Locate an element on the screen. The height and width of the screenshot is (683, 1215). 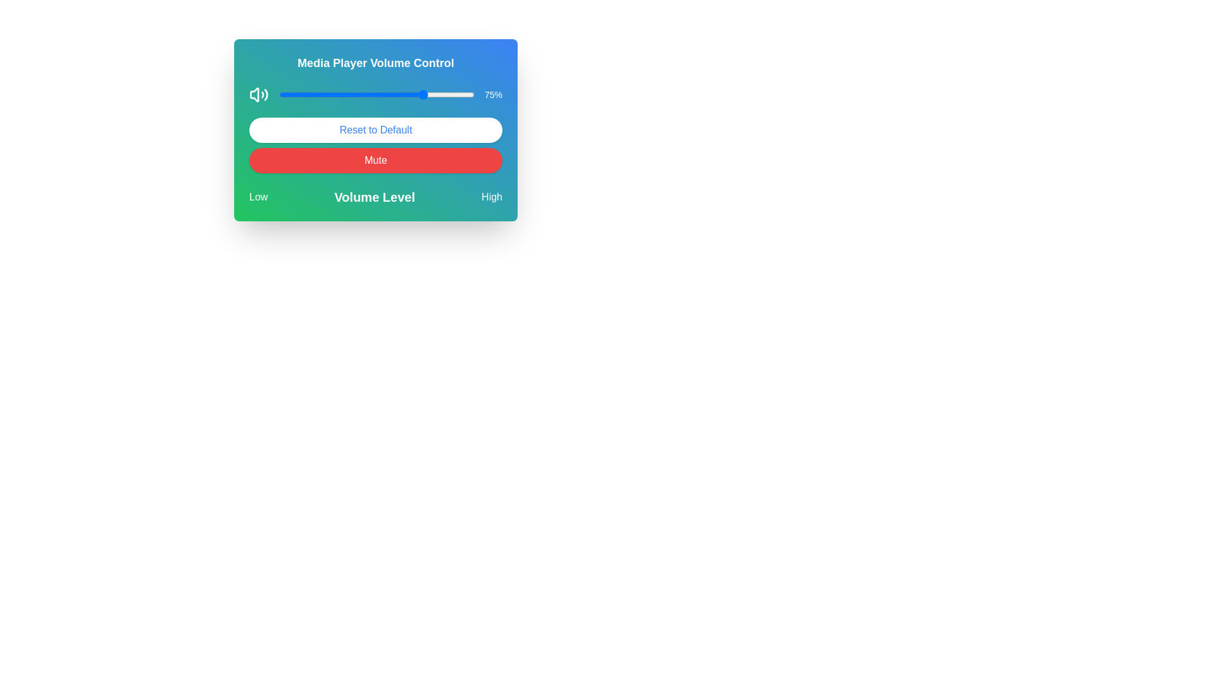
the volume is located at coordinates (429, 94).